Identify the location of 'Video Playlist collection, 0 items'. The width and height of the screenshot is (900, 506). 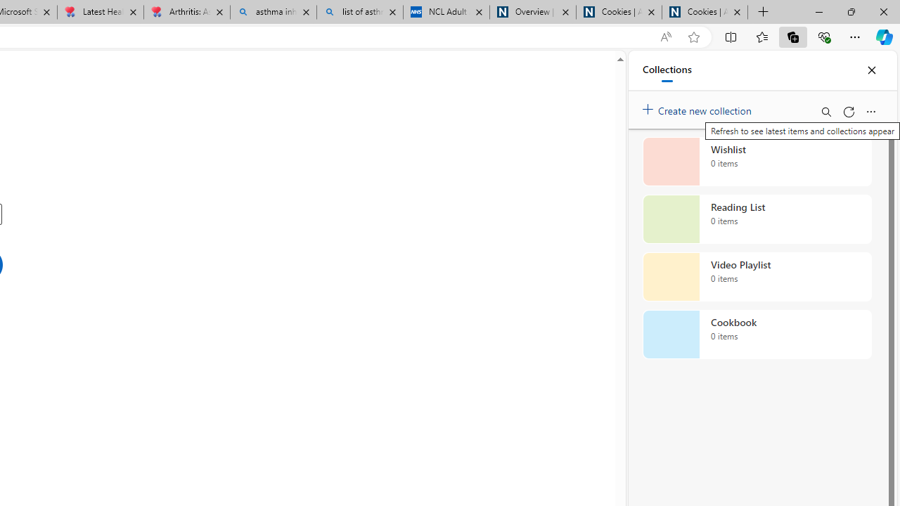
(757, 277).